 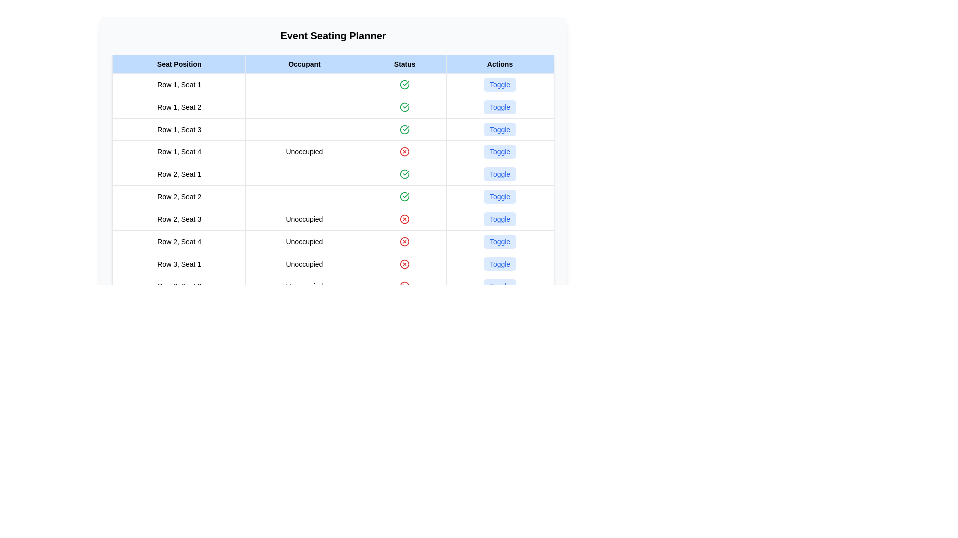 I want to click on the 'Toggle' button in the 'Actions' column of 'Row 3, Seat 1' to observe the background color change, so click(x=500, y=263).